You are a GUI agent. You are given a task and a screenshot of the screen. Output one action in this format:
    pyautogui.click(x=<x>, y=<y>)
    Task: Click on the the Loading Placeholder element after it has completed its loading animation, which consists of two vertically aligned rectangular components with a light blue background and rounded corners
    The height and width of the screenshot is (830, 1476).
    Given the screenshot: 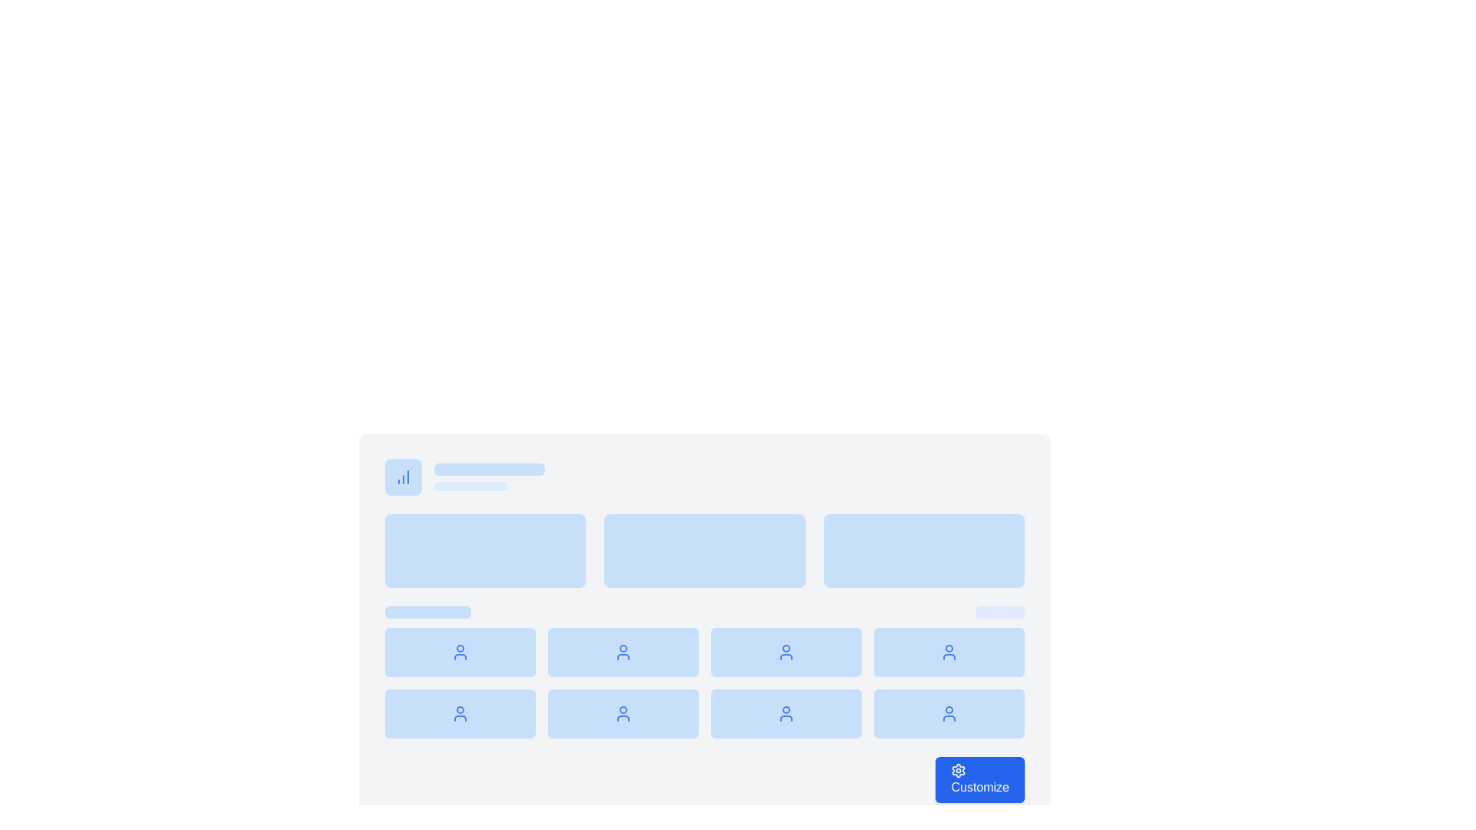 What is the action you would take?
    pyautogui.click(x=489, y=476)
    